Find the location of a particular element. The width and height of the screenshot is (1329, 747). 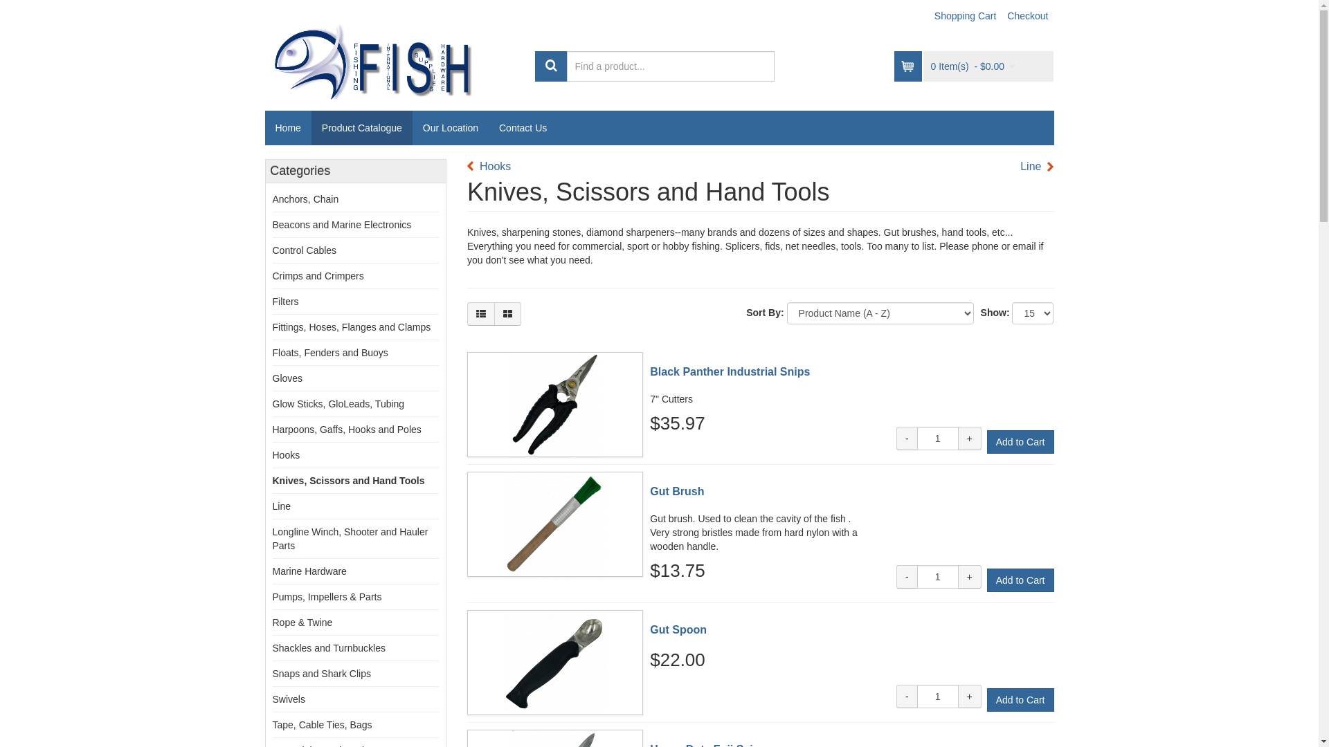

'Tape, Cable Ties, Bags' is located at coordinates (321, 724).